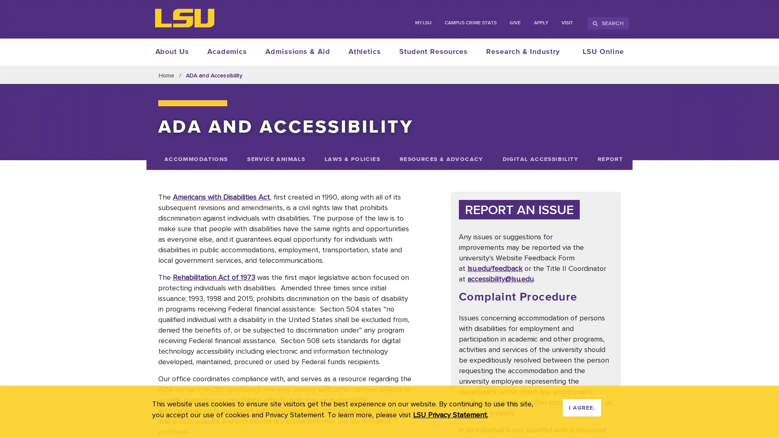 This screenshot has height=438, width=779. Describe the element at coordinates (608, 23) in the screenshot. I see `SEARCH` at that location.